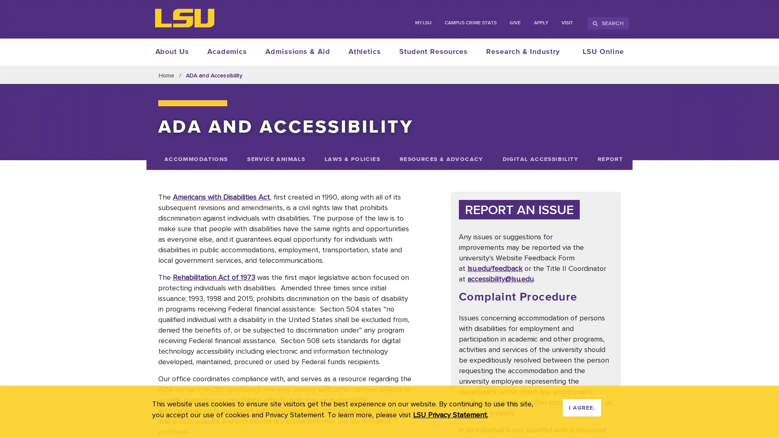 This screenshot has height=438, width=779. Describe the element at coordinates (608, 23) in the screenshot. I see `SEARCH` at that location.